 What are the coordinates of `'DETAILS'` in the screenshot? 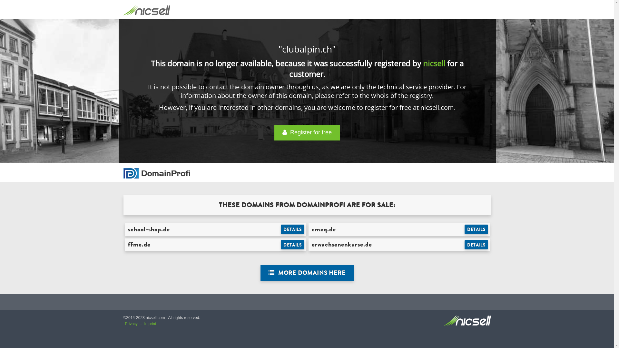 It's located at (476, 245).